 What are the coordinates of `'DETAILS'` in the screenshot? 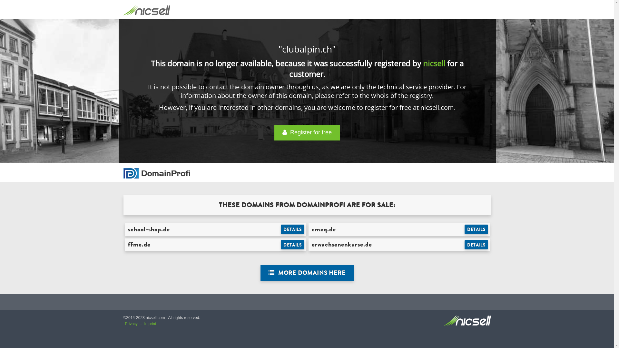 It's located at (476, 245).